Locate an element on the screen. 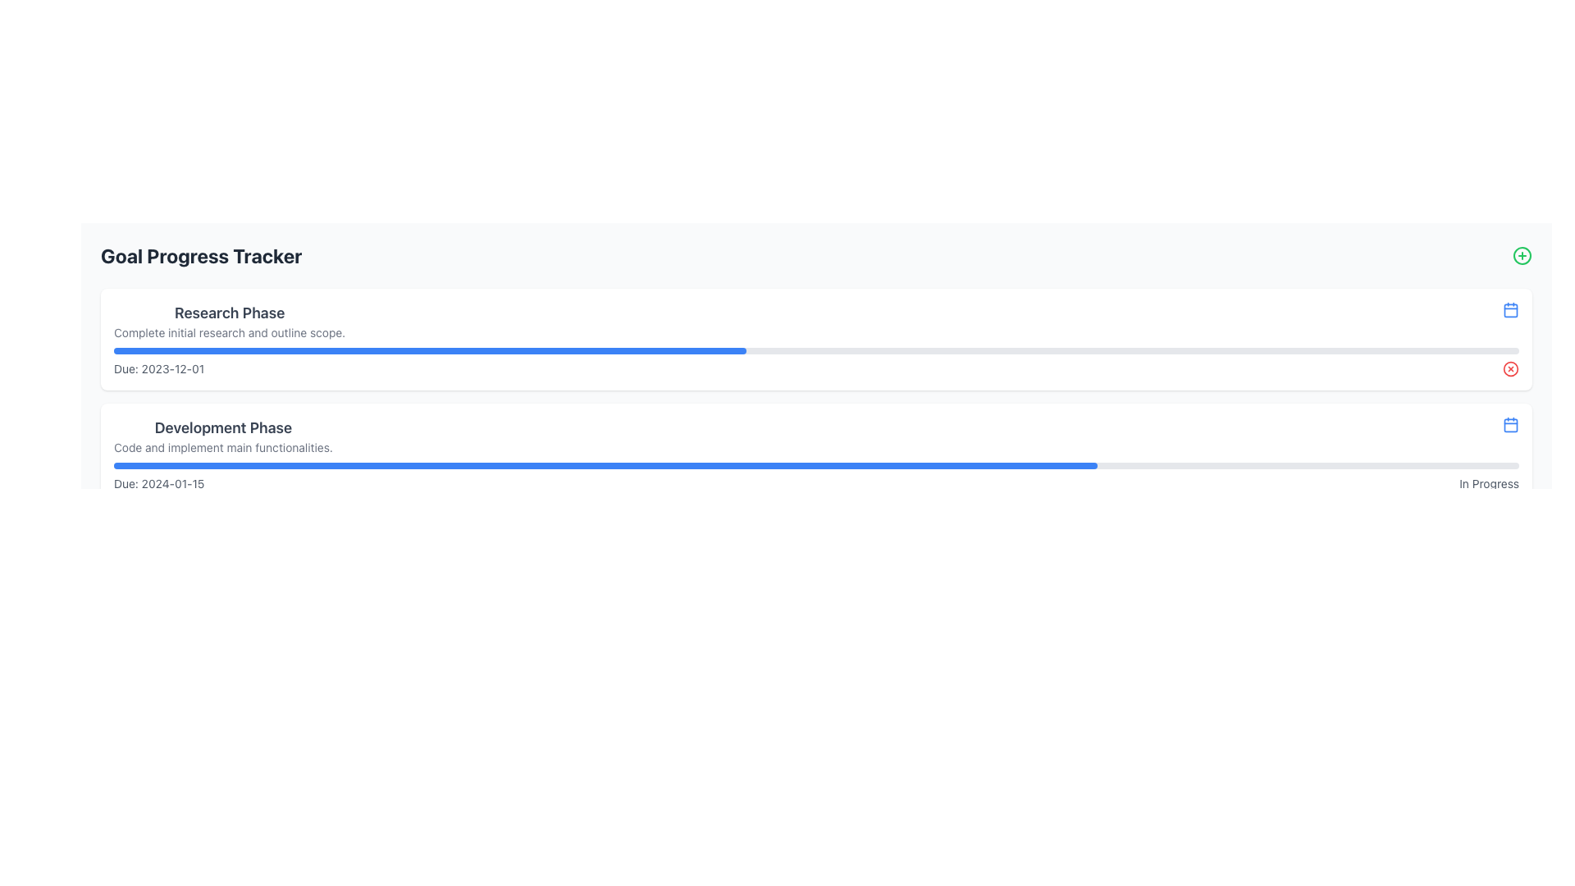  the icon located at the top-right corner of the 'Goal Progress Tracker' section is located at coordinates (1522, 256).